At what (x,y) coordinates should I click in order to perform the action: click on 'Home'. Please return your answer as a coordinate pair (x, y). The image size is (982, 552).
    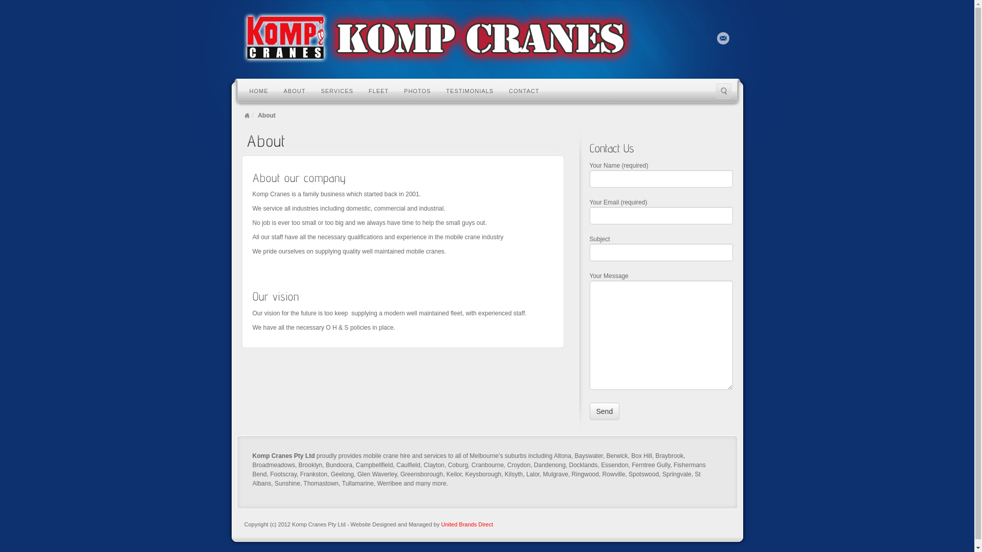
    Looking at the image, I should click on (247, 115).